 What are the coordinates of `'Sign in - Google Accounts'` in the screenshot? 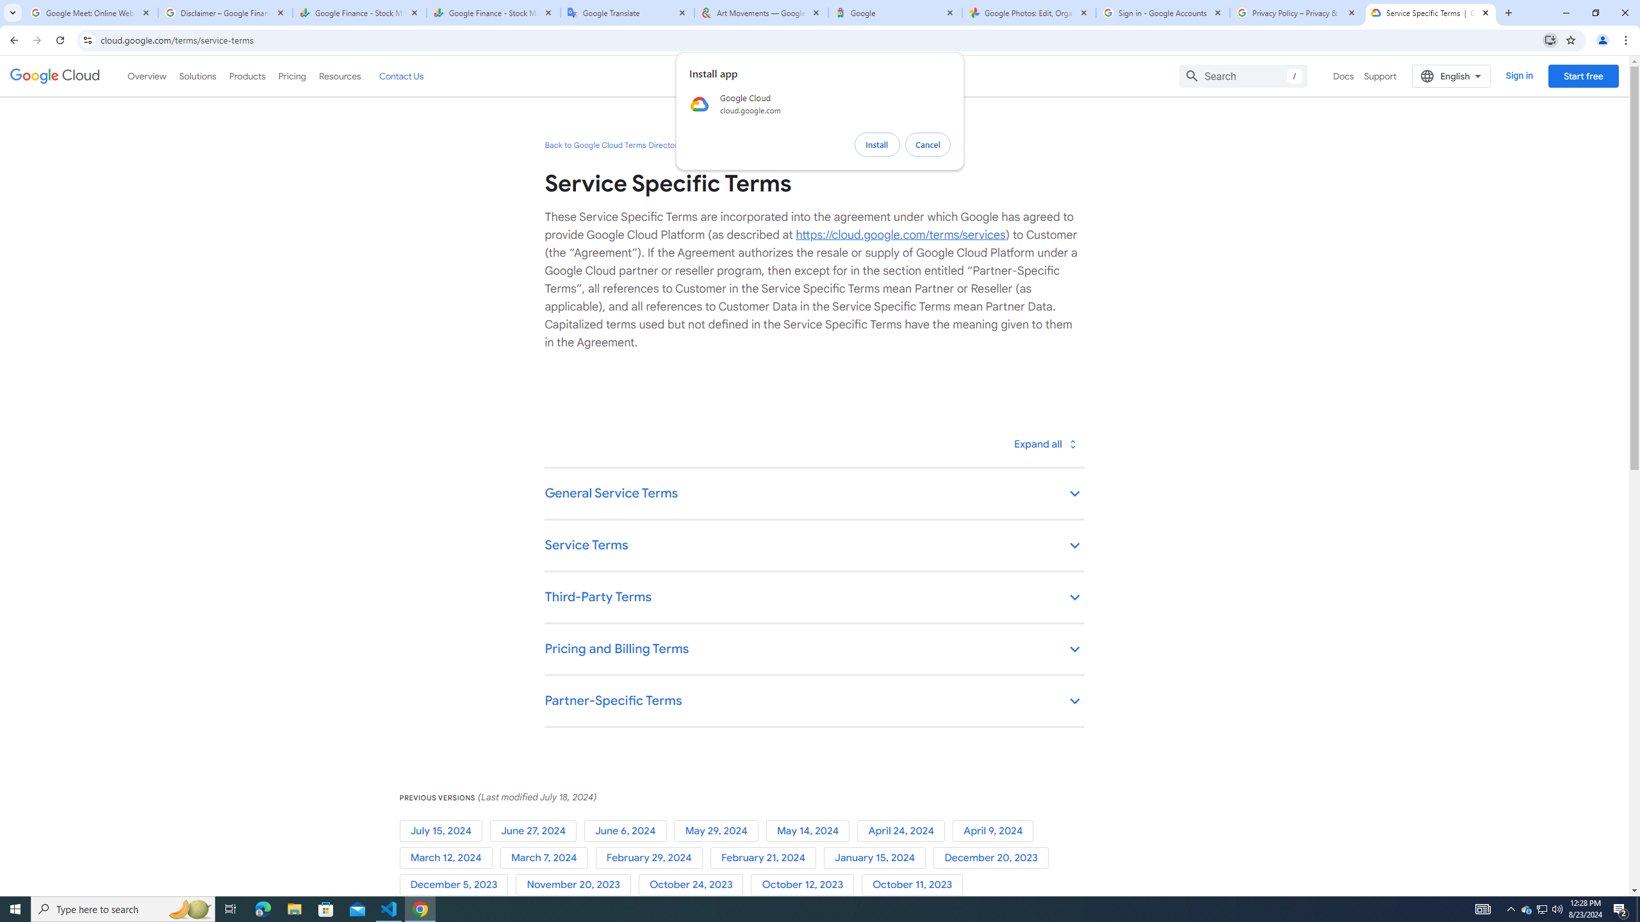 It's located at (1163, 12).